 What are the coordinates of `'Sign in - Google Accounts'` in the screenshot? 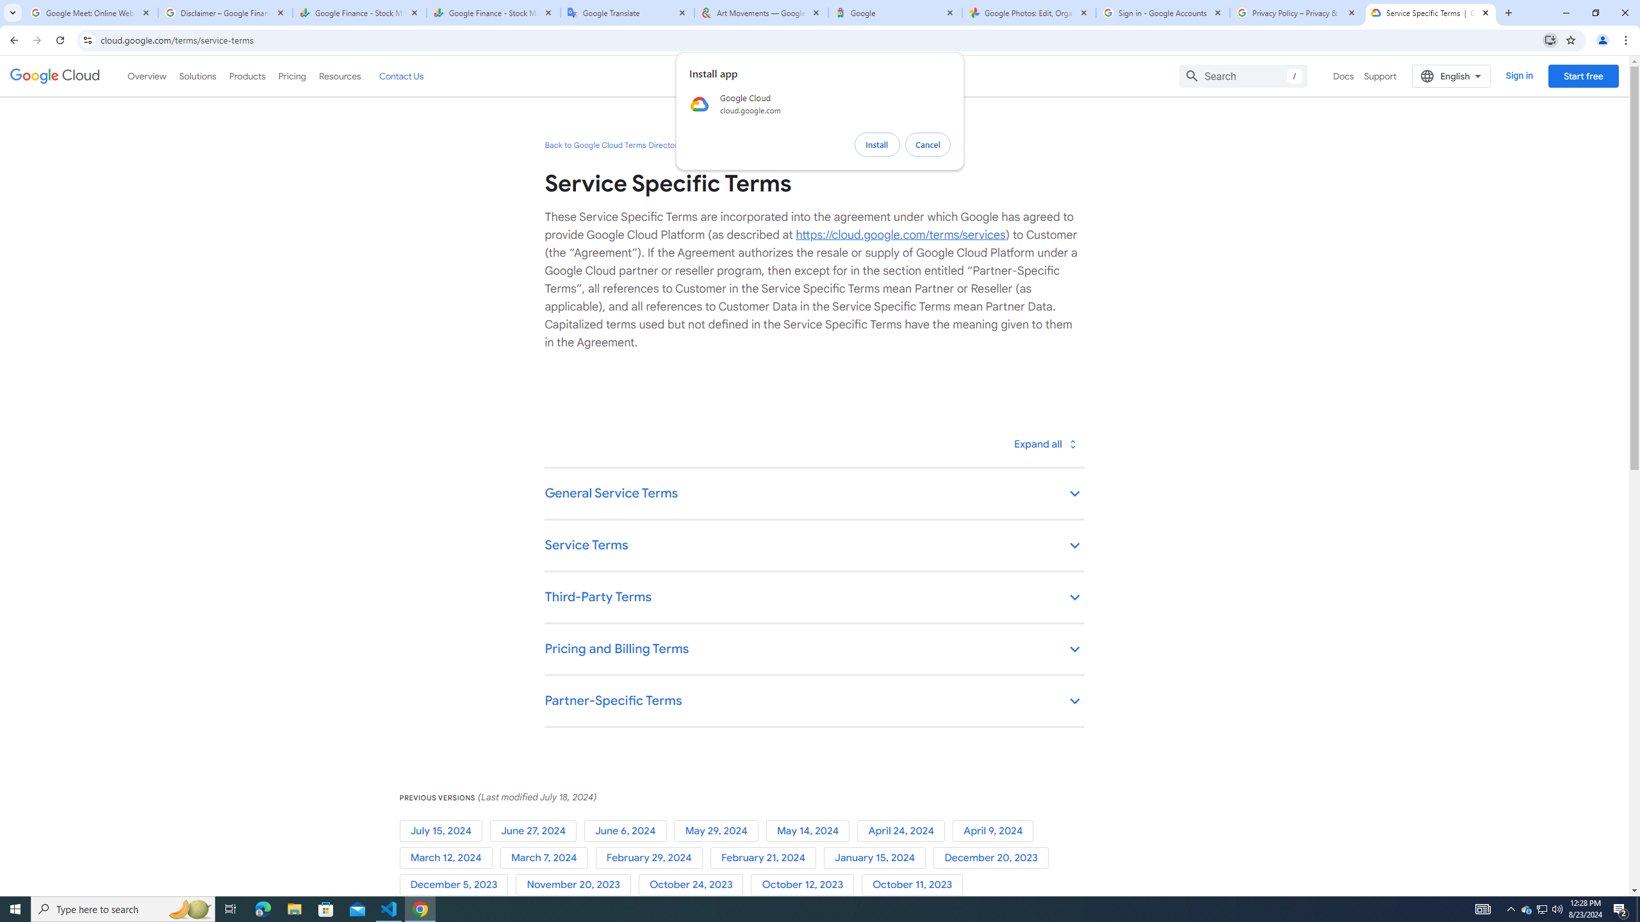 It's located at (1163, 12).